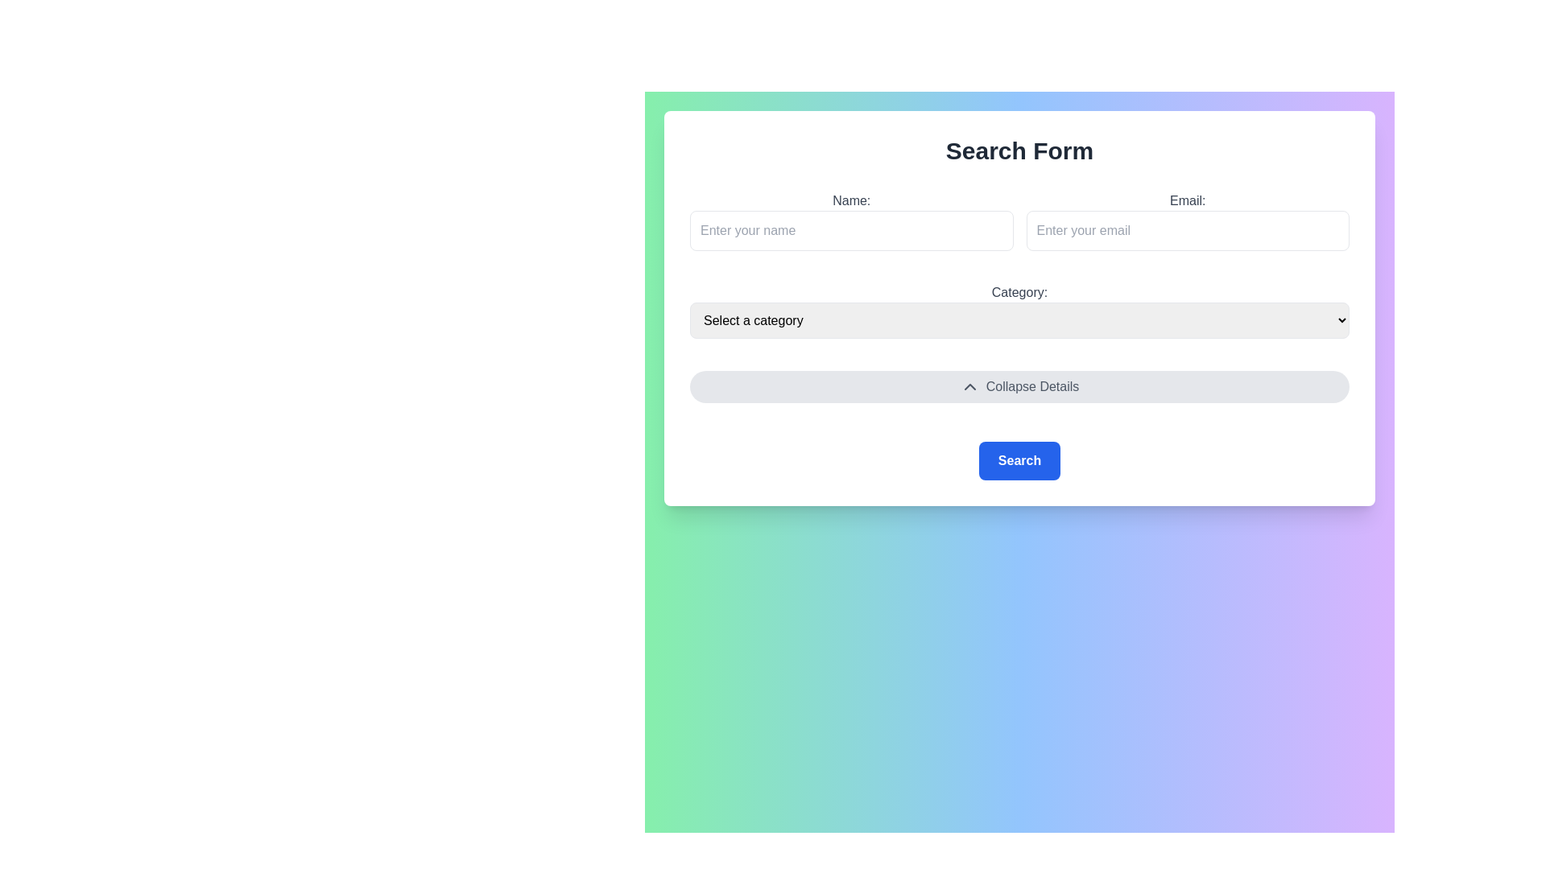 The height and width of the screenshot is (869, 1546). Describe the element at coordinates (1188, 220) in the screenshot. I see `placeholder text of the labeled input field for email entry, which is located in the second column of a two-column layout, above the 'Name' input field` at that location.